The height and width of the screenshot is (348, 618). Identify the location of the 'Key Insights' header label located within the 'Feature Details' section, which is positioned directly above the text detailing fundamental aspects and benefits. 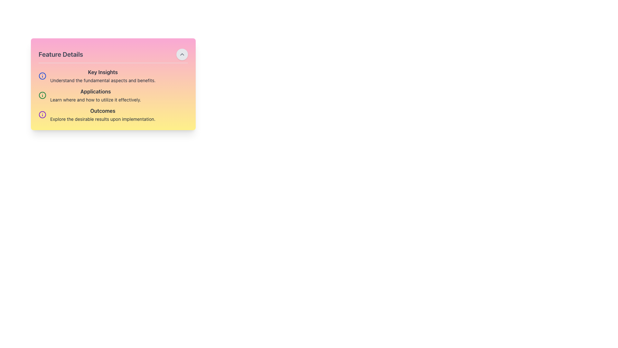
(102, 72).